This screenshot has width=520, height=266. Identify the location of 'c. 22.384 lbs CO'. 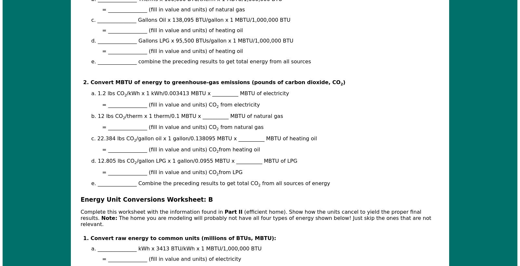
(112, 138).